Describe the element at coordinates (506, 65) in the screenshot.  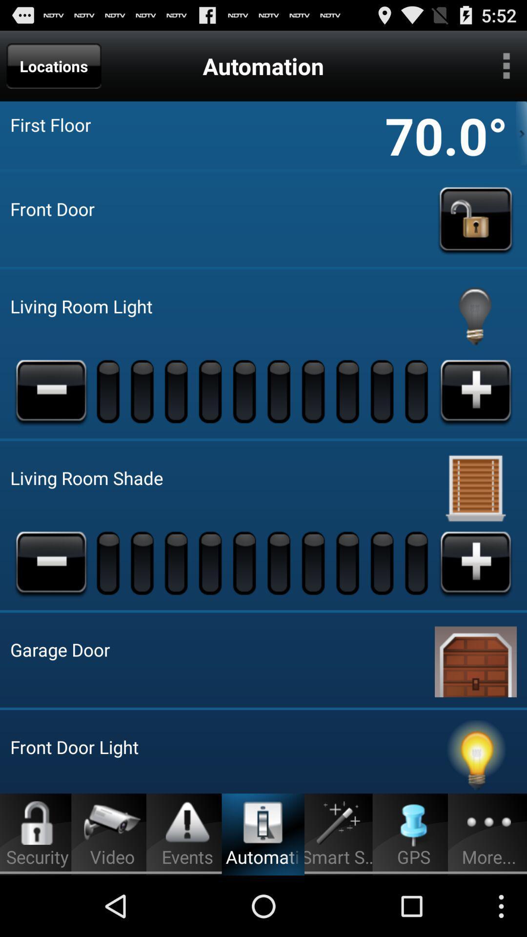
I see `more` at that location.